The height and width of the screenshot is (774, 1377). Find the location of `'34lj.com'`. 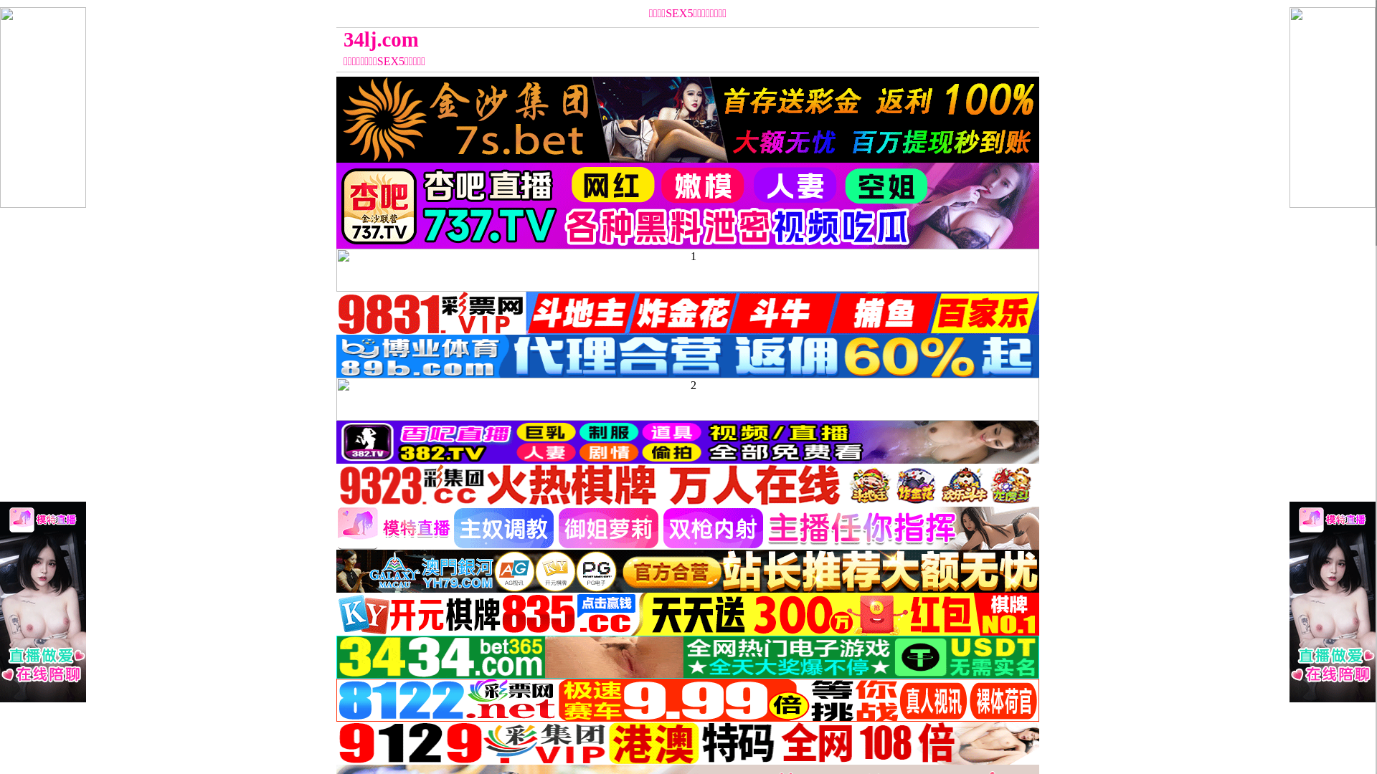

'34lj.com' is located at coordinates (600, 39).